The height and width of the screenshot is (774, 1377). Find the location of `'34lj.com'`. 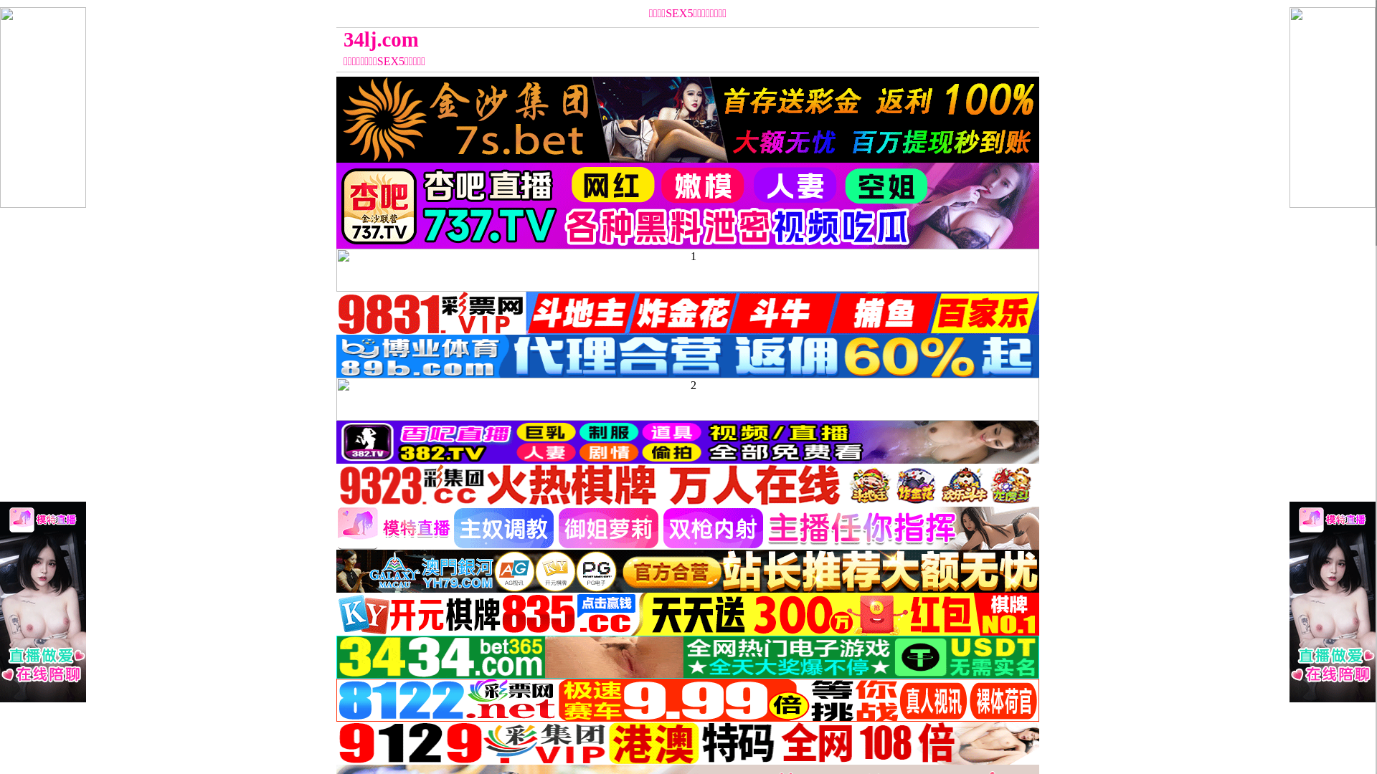

'34lj.com' is located at coordinates (600, 39).